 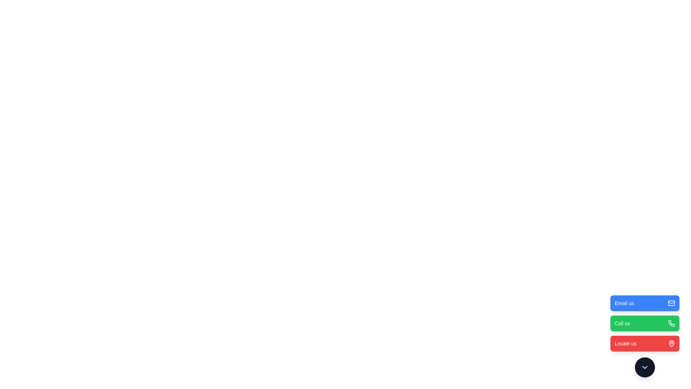 I want to click on the toggle button to open or close the menu, so click(x=645, y=367).